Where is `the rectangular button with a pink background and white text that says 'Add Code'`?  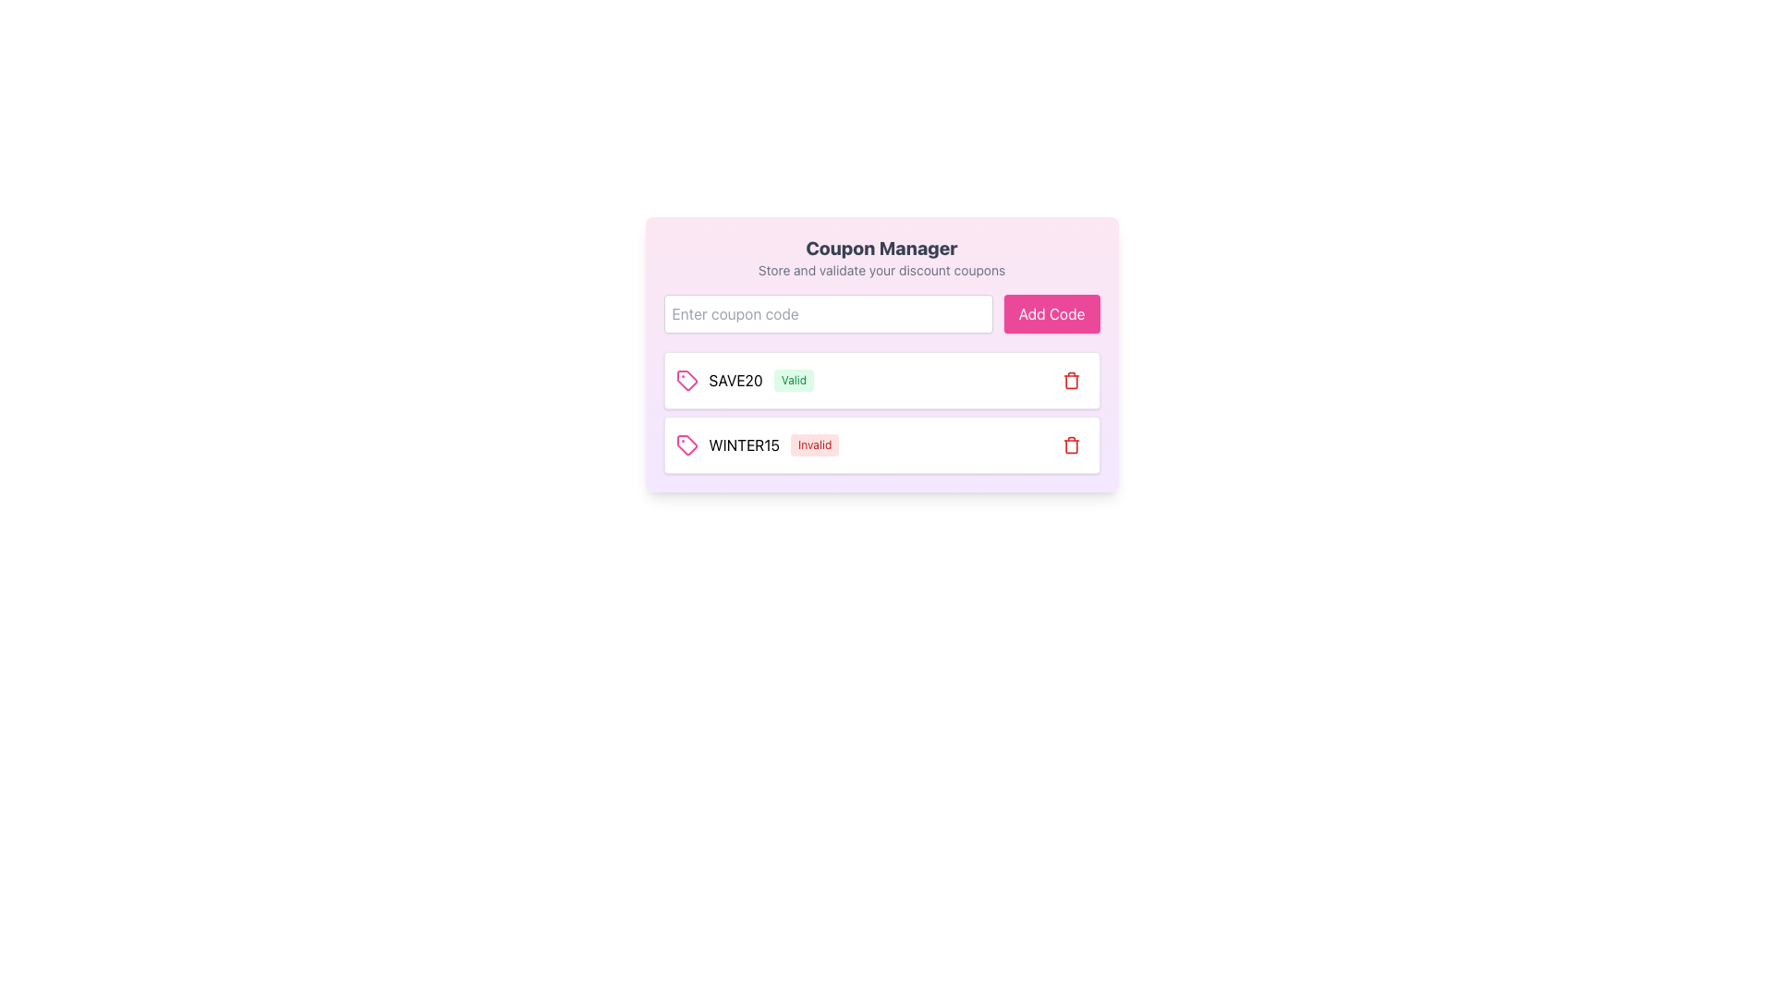 the rectangular button with a pink background and white text that says 'Add Code' is located at coordinates (1051, 312).